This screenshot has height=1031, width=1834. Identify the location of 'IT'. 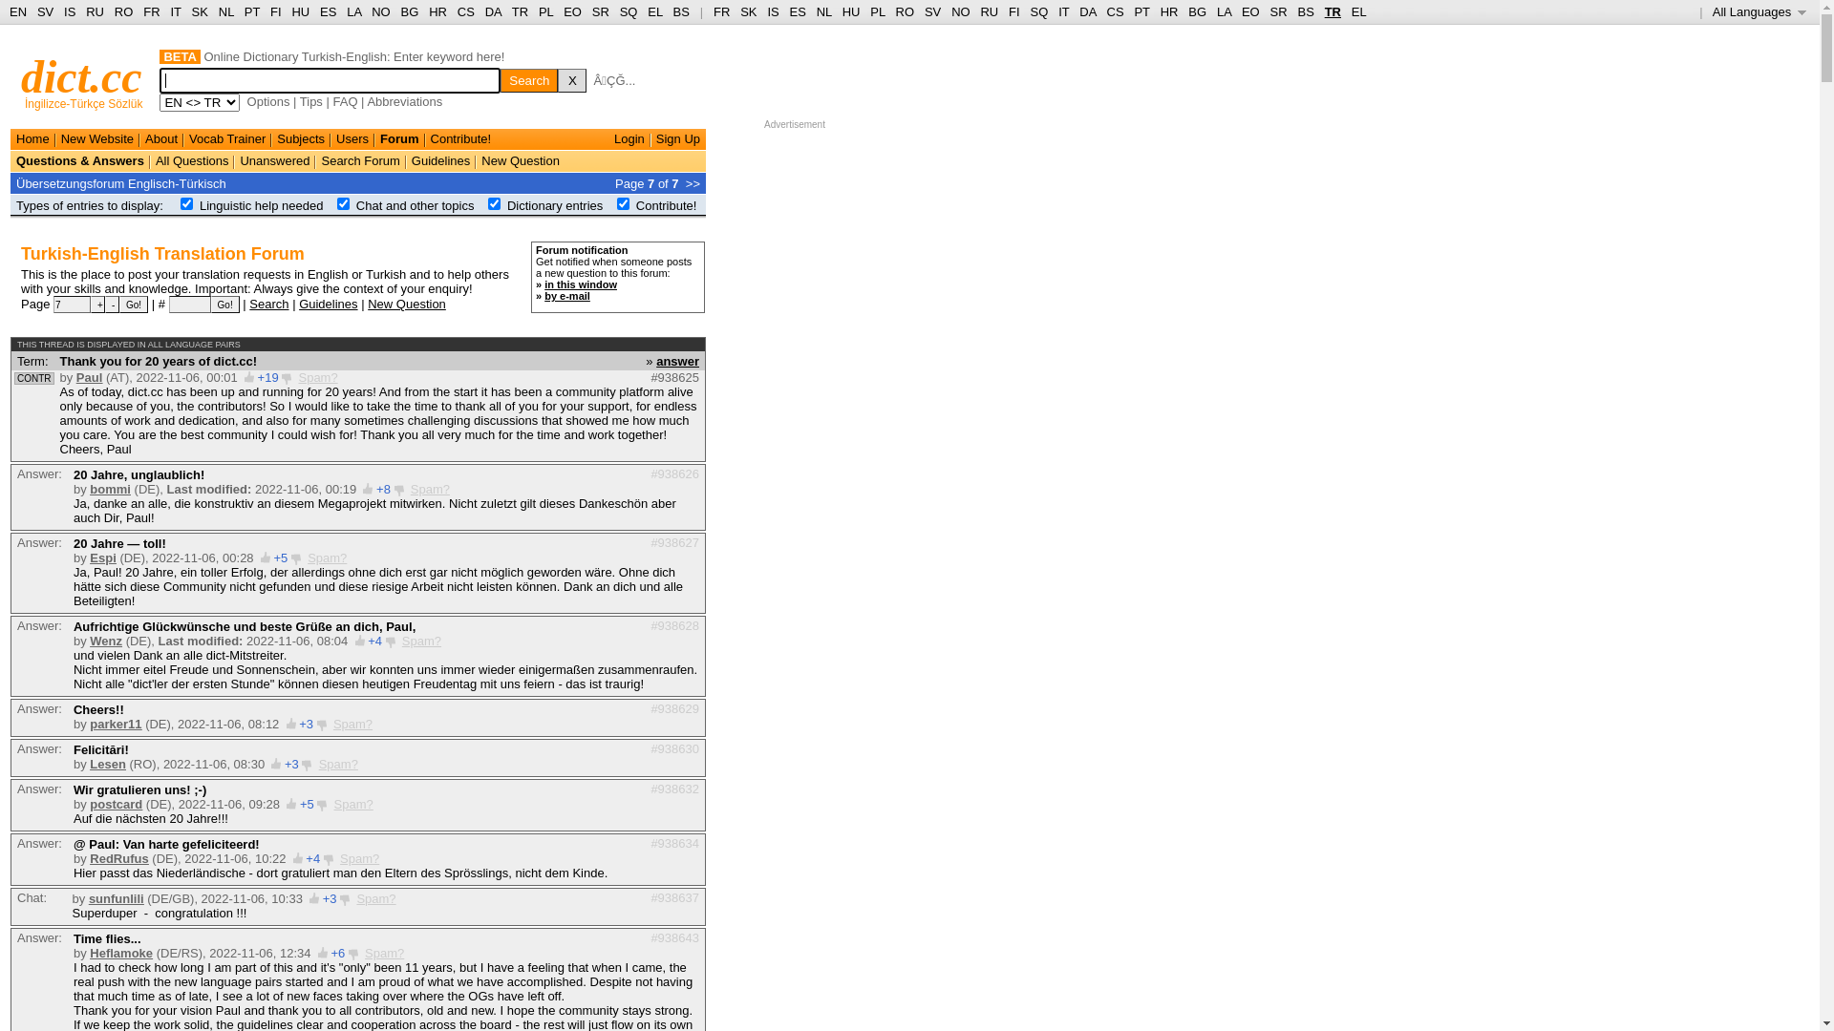
(175, 11).